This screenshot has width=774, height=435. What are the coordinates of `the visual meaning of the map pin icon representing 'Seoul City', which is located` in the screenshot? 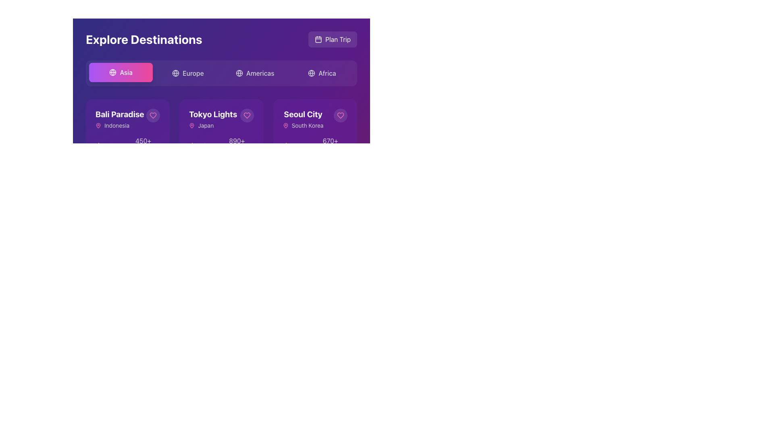 It's located at (285, 126).